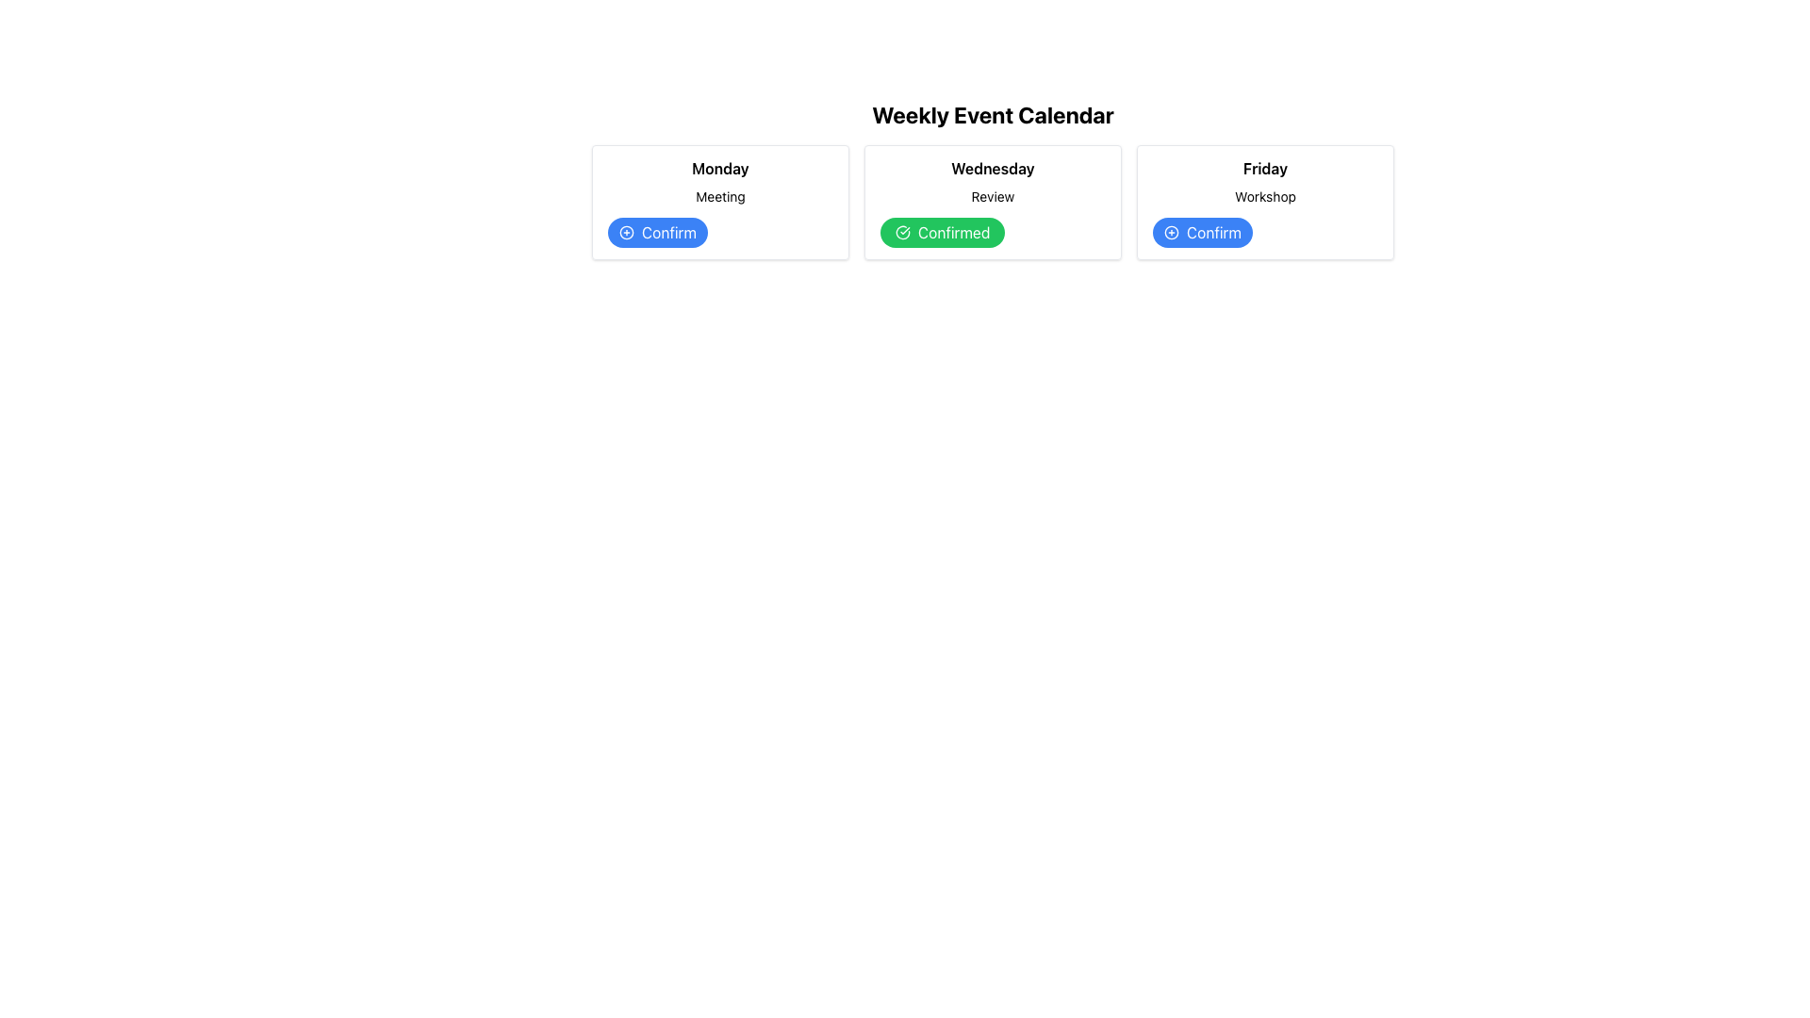 This screenshot has width=1810, height=1018. I want to click on the green checked circular badge SVG element located in the center of the 'Wednesday Review' card under the 'Weekly Event Calendar' header, so click(902, 231).